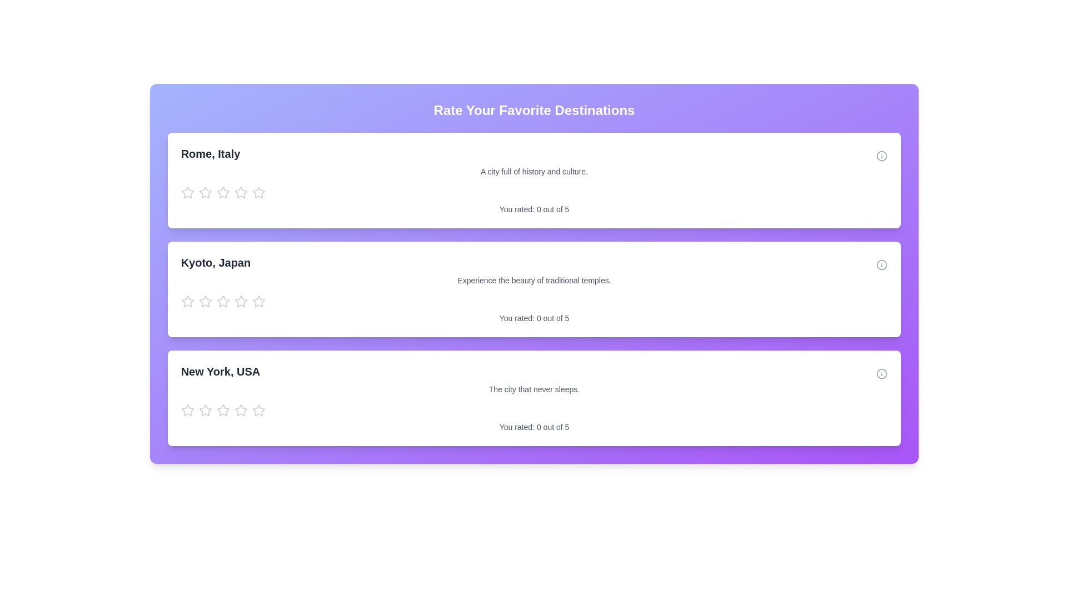 This screenshot has width=1067, height=600. What do you see at coordinates (205, 192) in the screenshot?
I see `the first star icon in the rating section under the title 'Rome, Italy'` at bounding box center [205, 192].